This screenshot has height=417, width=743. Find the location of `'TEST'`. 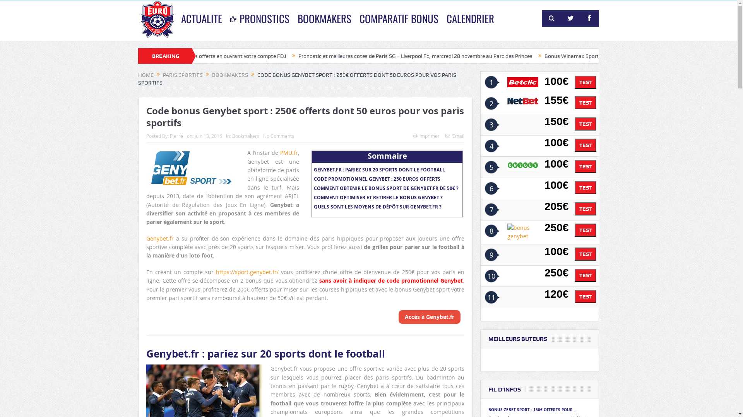

'TEST' is located at coordinates (585, 82).